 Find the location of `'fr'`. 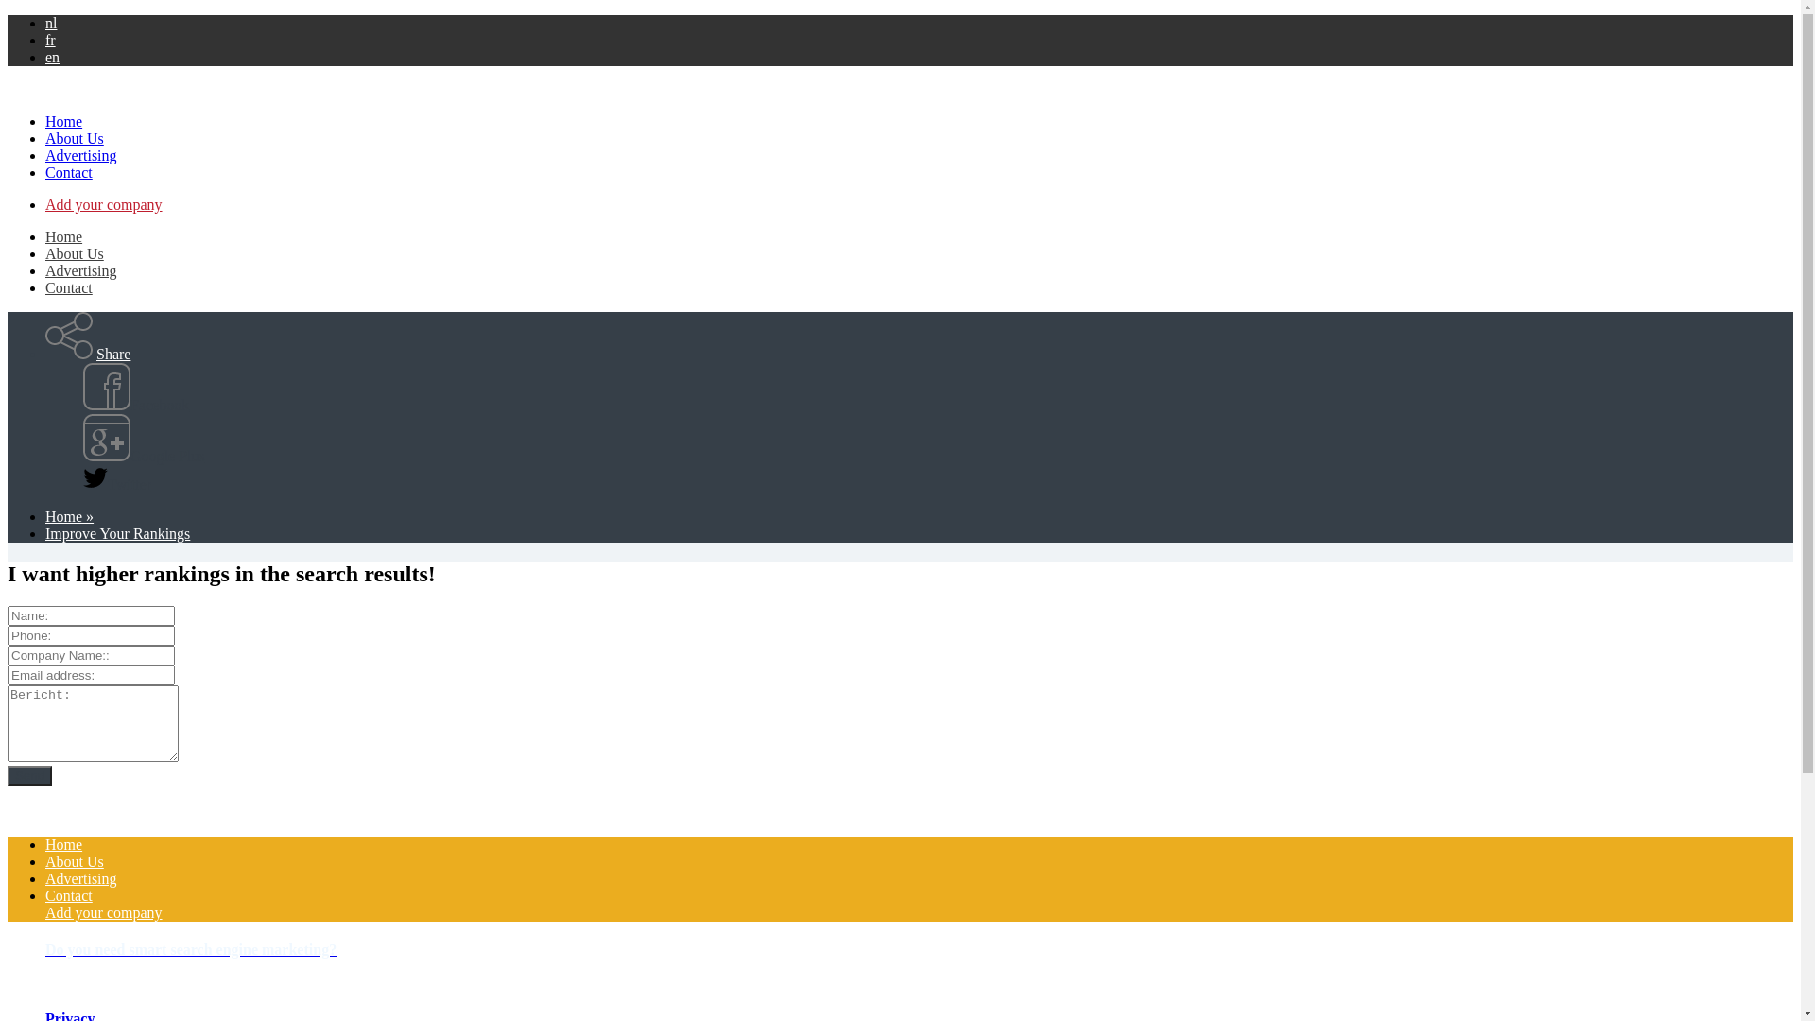

'fr' is located at coordinates (50, 40).